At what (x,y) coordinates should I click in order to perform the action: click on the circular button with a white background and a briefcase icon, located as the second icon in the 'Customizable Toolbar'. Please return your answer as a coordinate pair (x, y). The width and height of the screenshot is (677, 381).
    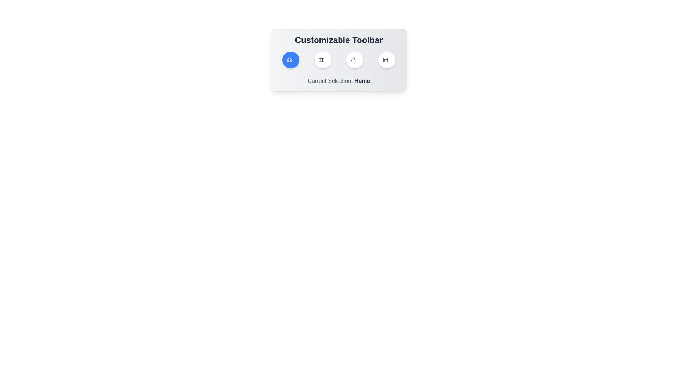
    Looking at the image, I should click on (322, 59).